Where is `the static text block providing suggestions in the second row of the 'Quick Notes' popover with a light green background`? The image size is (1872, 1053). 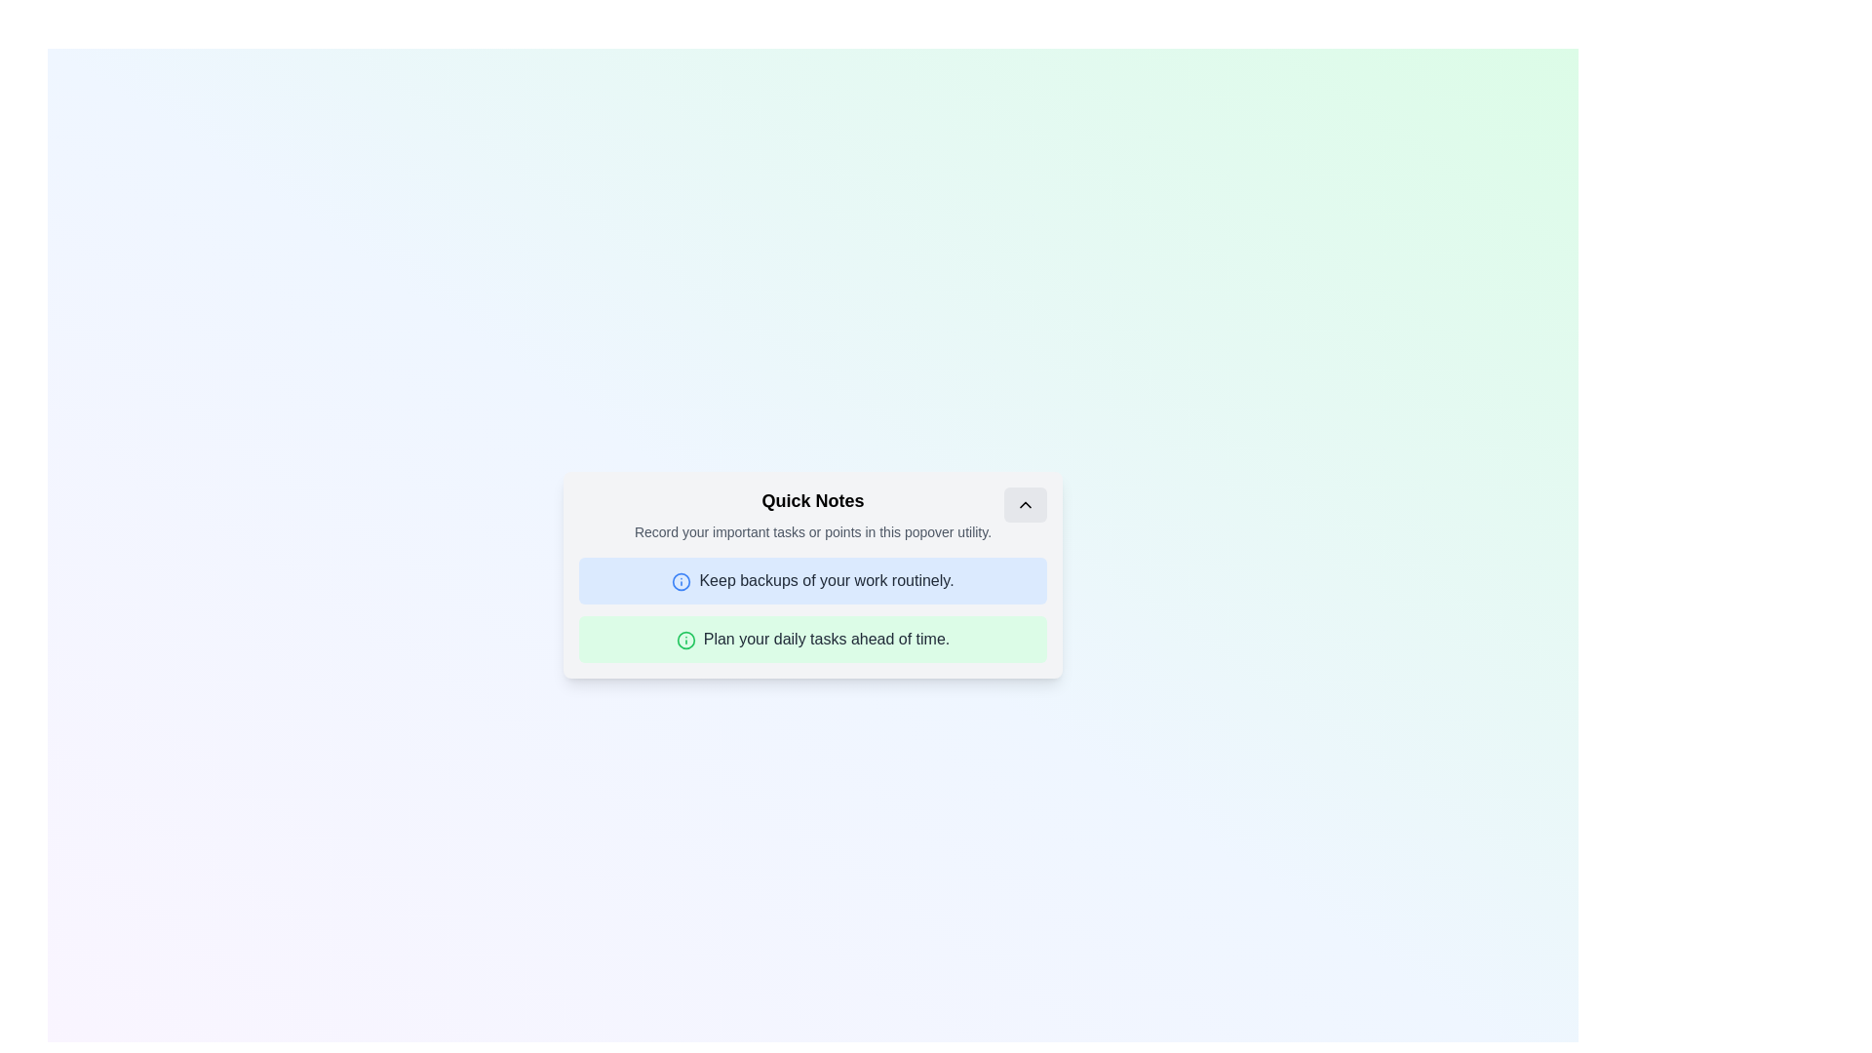
the static text block providing suggestions in the second row of the 'Quick Notes' popover with a light green background is located at coordinates (827, 639).